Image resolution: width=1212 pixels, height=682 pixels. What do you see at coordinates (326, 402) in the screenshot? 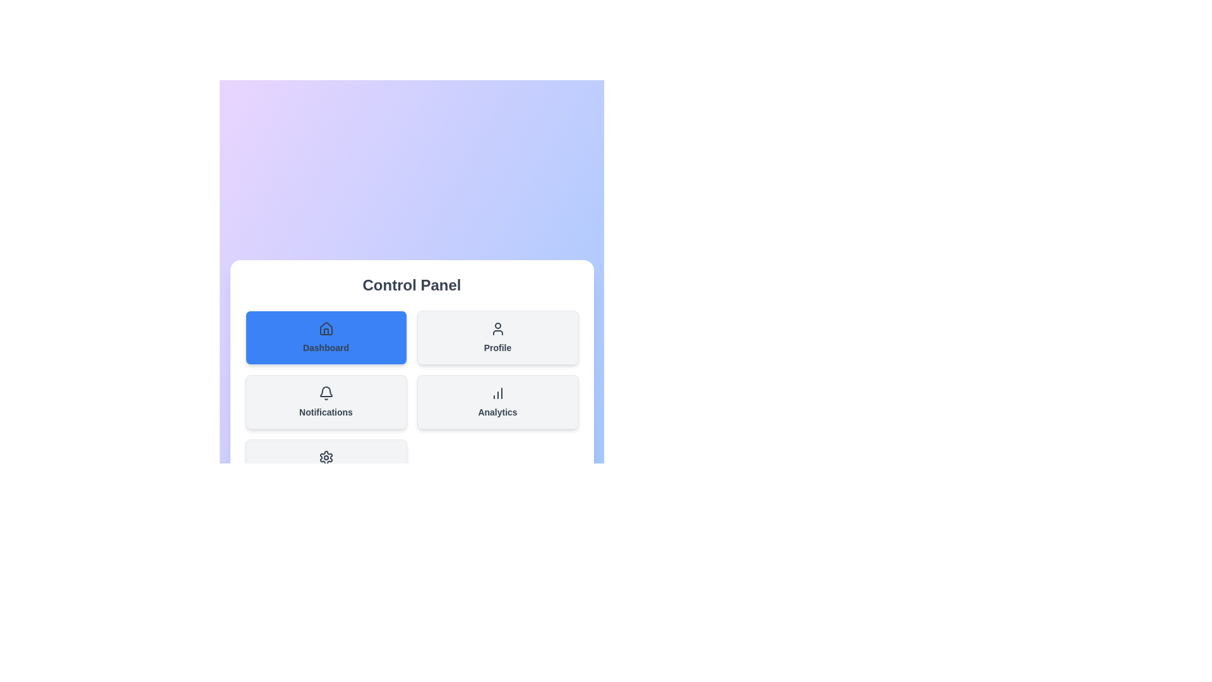
I see `the section Notifications from the menu by clicking its corresponding button` at bounding box center [326, 402].